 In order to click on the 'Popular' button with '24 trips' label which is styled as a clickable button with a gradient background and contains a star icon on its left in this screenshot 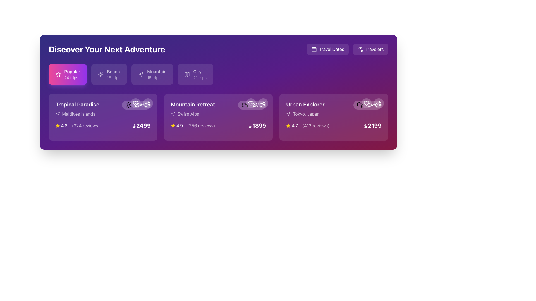, I will do `click(72, 74)`.